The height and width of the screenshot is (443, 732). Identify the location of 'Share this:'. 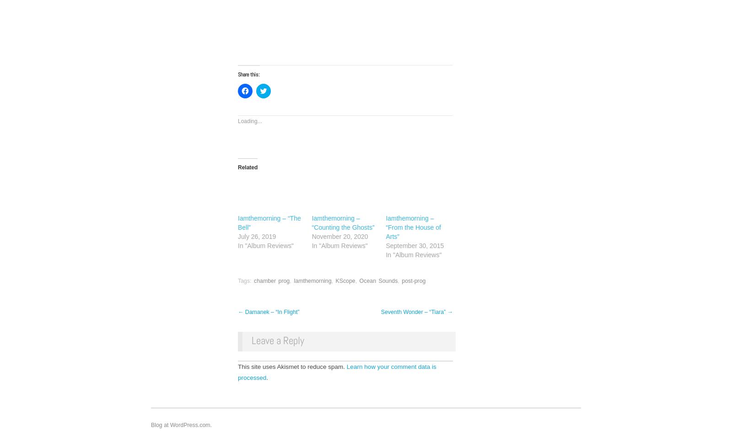
(248, 75).